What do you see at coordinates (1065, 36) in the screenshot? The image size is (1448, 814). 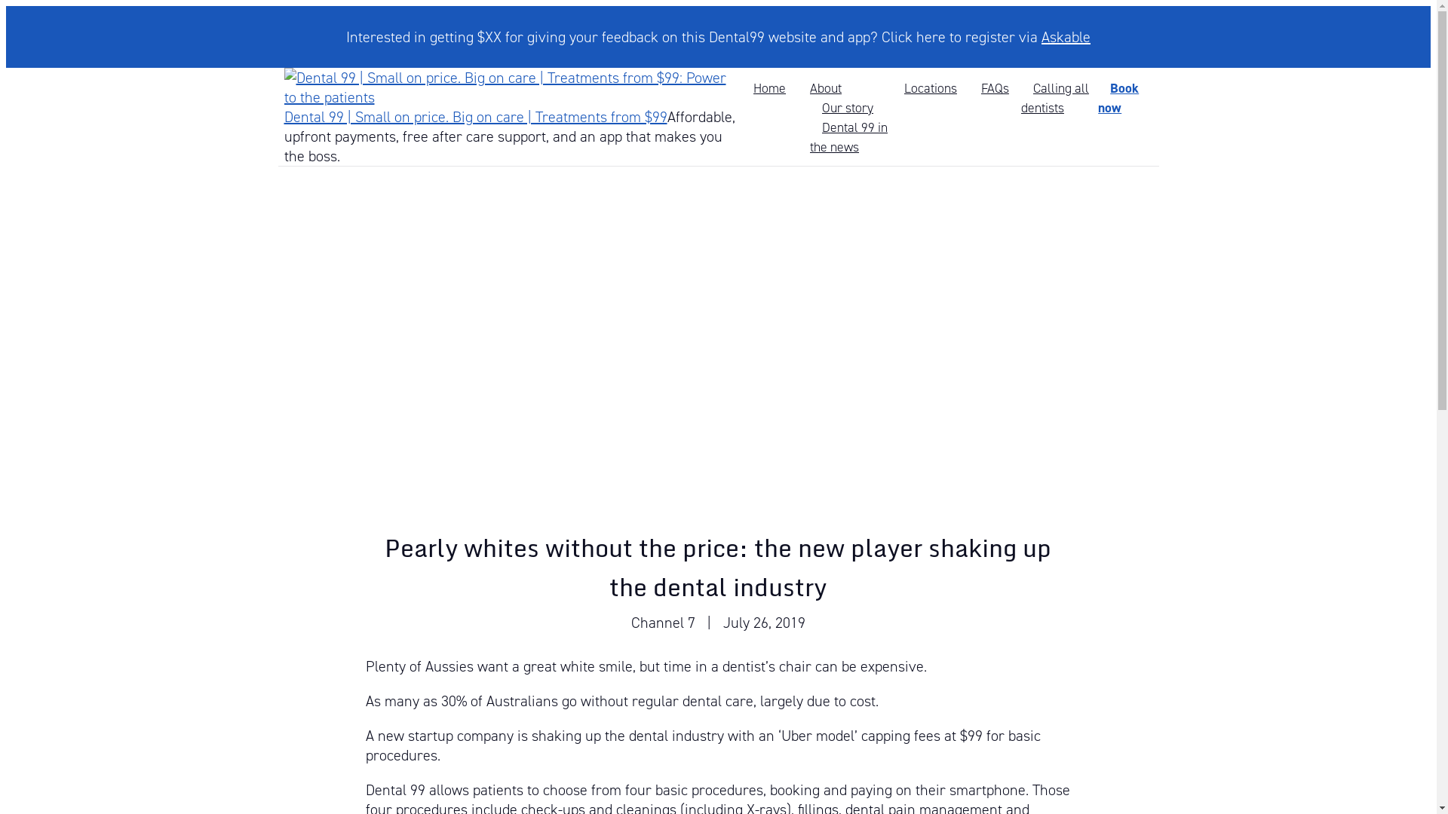 I see `'Askable'` at bounding box center [1065, 36].